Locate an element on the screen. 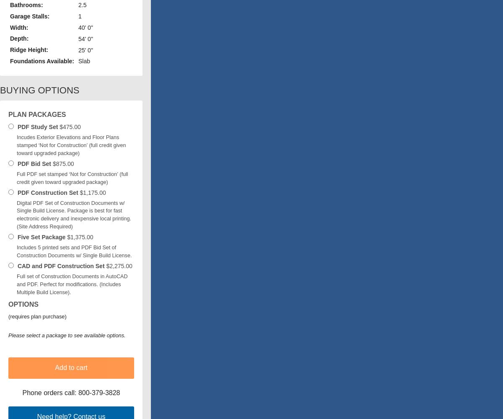  '$1,375.00' is located at coordinates (79, 237).